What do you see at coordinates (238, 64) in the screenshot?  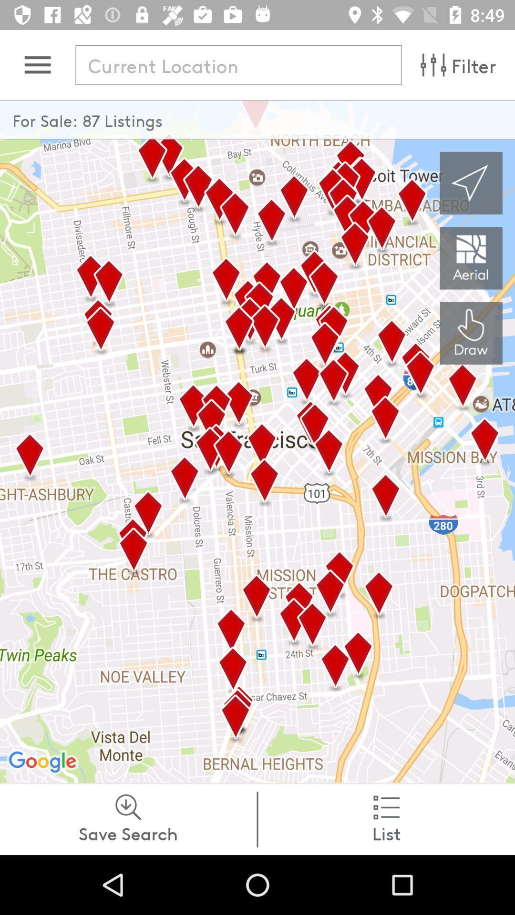 I see `find location` at bounding box center [238, 64].